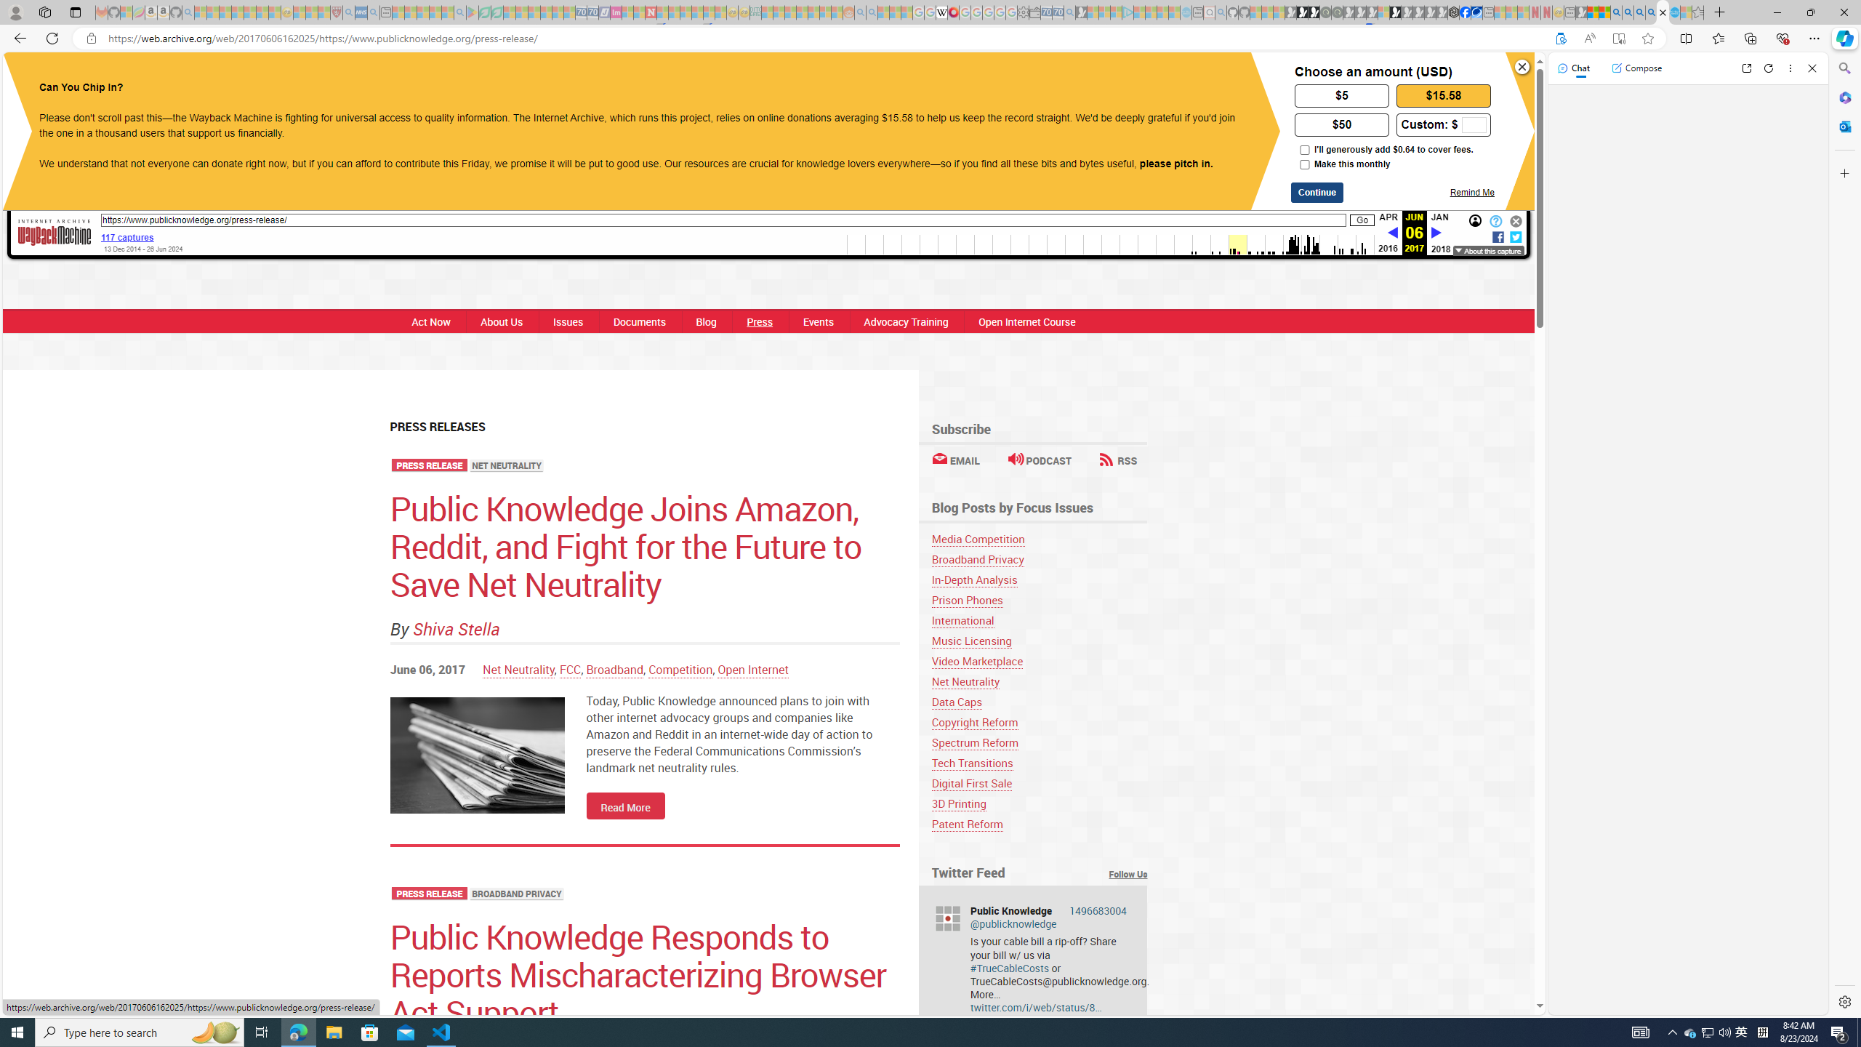  What do you see at coordinates (54, 232) in the screenshot?
I see `'Wayback Machine'` at bounding box center [54, 232].